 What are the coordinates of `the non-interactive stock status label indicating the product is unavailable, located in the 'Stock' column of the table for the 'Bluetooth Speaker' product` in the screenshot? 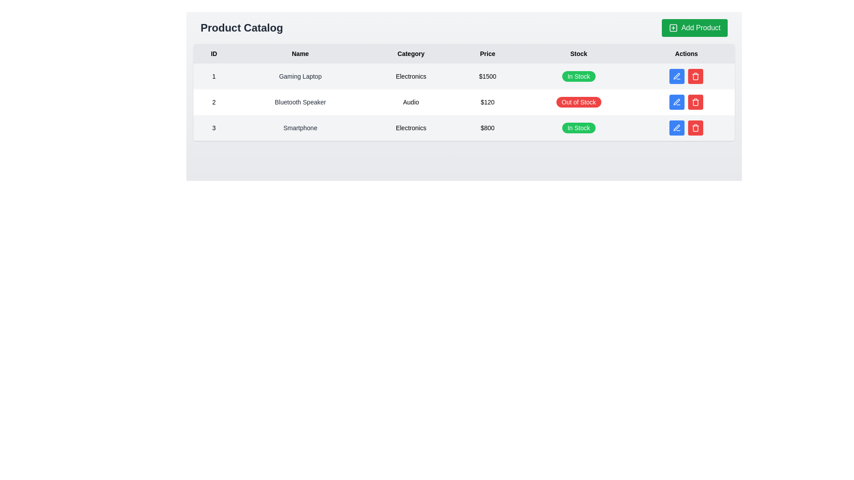 It's located at (579, 102).